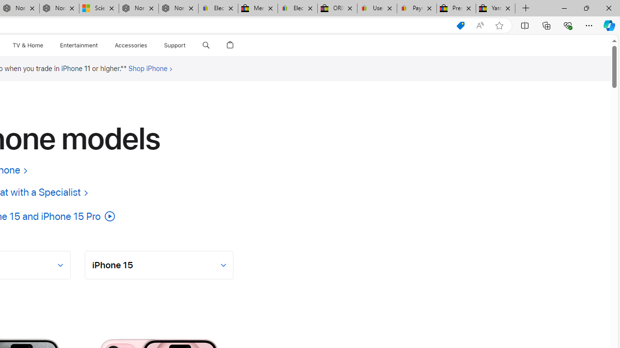 The width and height of the screenshot is (620, 348). What do you see at coordinates (187, 45) in the screenshot?
I see `'Class: globalnav-submenu-trigger-item'` at bounding box center [187, 45].